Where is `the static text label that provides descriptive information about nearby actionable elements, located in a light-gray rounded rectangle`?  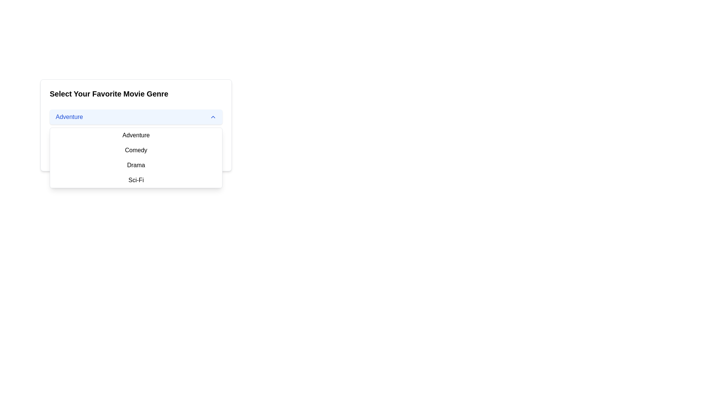 the static text label that provides descriptive information about nearby actionable elements, located in a light-gray rounded rectangle is located at coordinates (136, 141).